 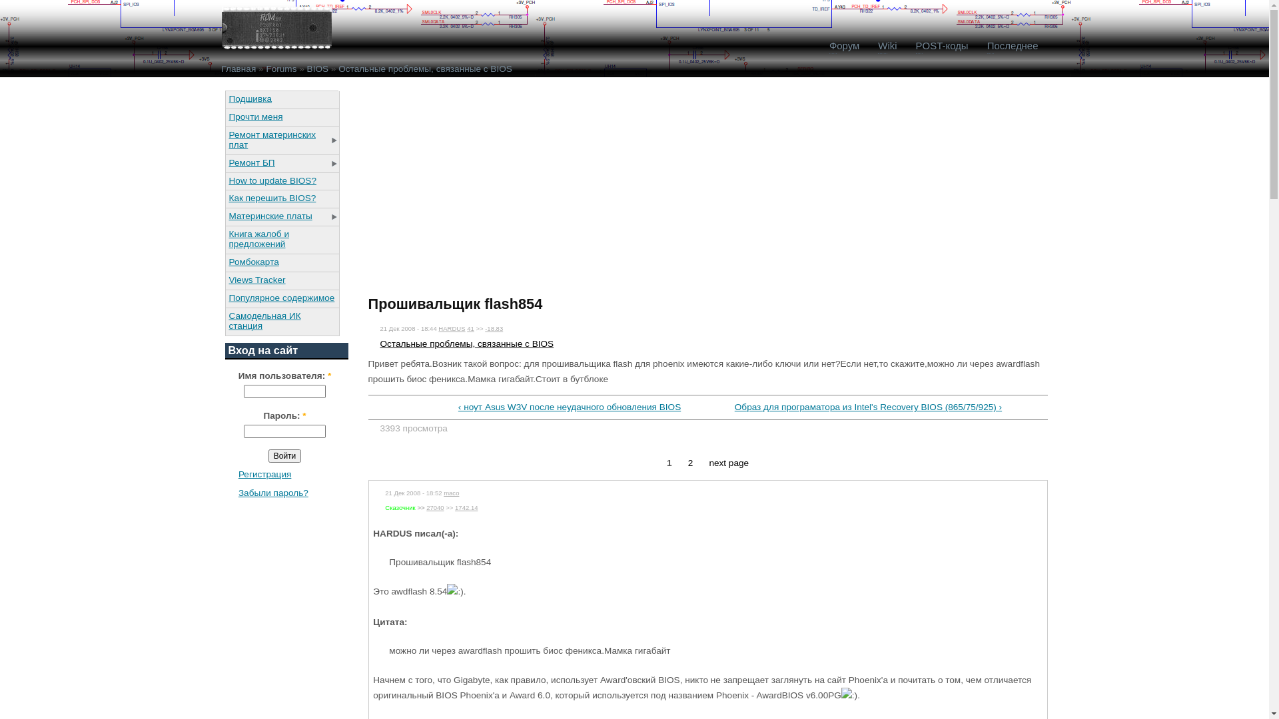 I want to click on 'maco', so click(x=451, y=493).